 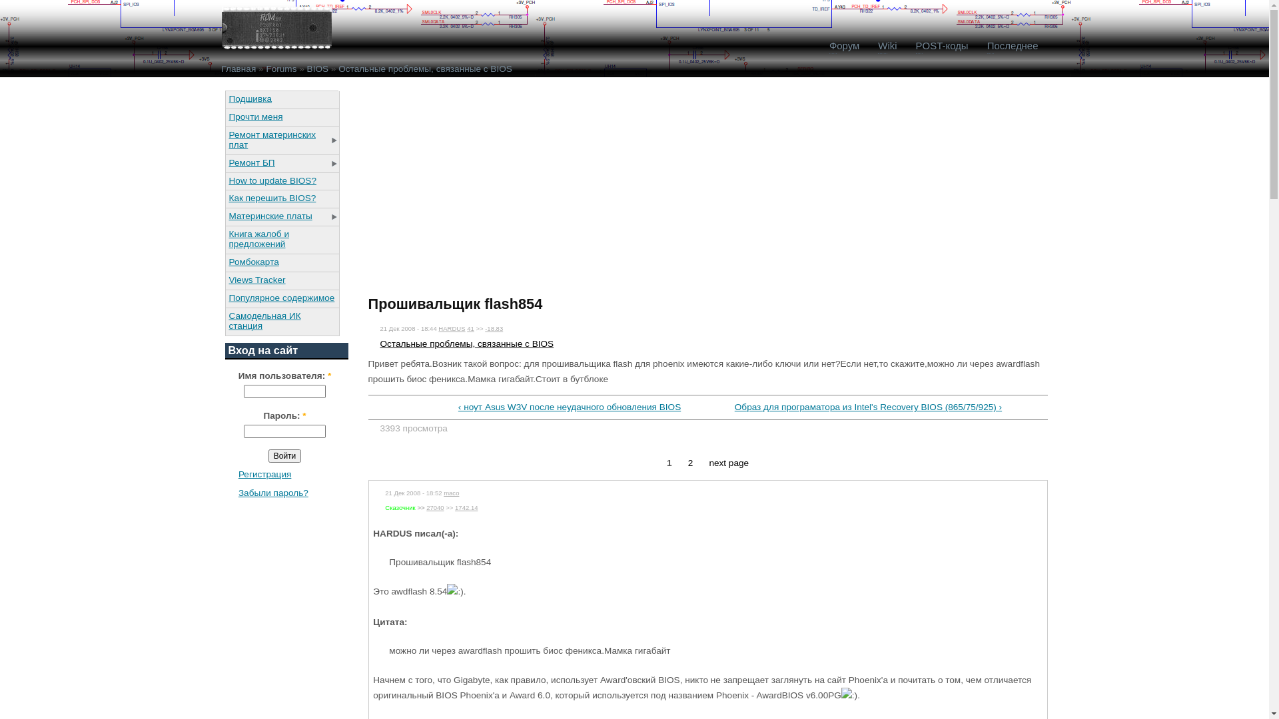 I want to click on 'maco', so click(x=451, y=493).